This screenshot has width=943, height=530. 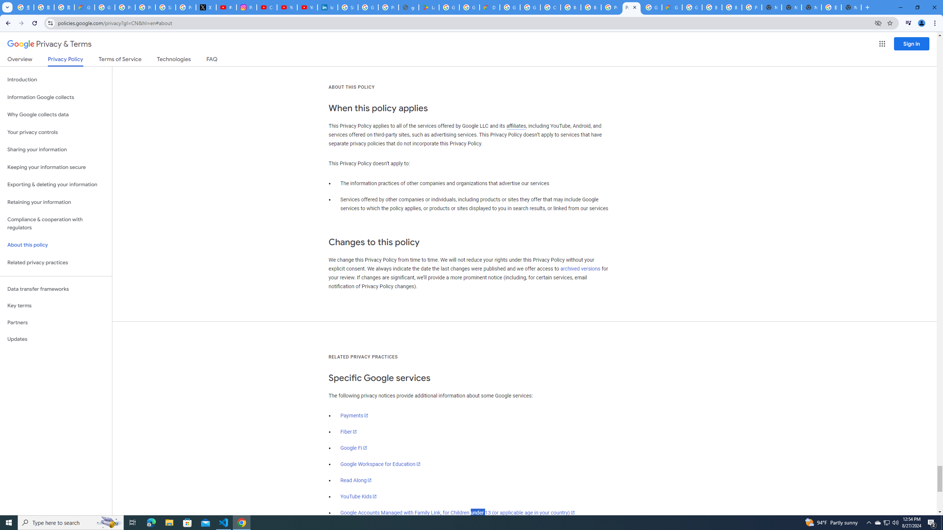 What do you see at coordinates (226, 7) in the screenshot?
I see `'#nbabasketballhighlights - YouTube'` at bounding box center [226, 7].